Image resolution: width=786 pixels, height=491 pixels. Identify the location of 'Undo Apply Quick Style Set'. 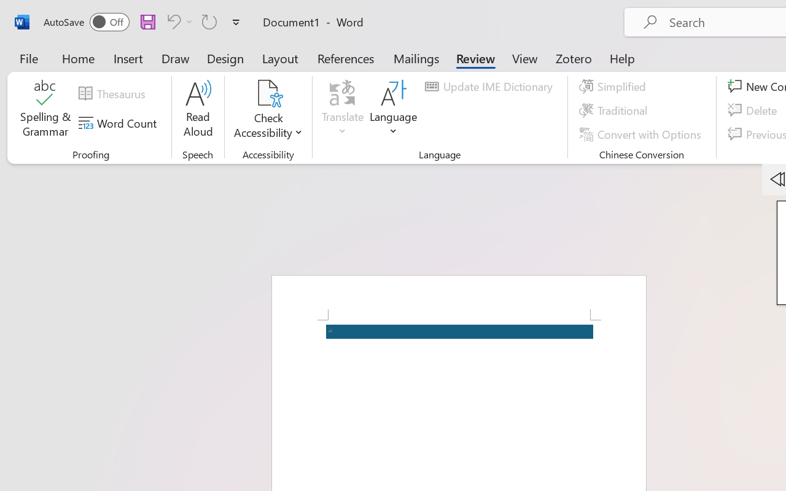
(177, 21).